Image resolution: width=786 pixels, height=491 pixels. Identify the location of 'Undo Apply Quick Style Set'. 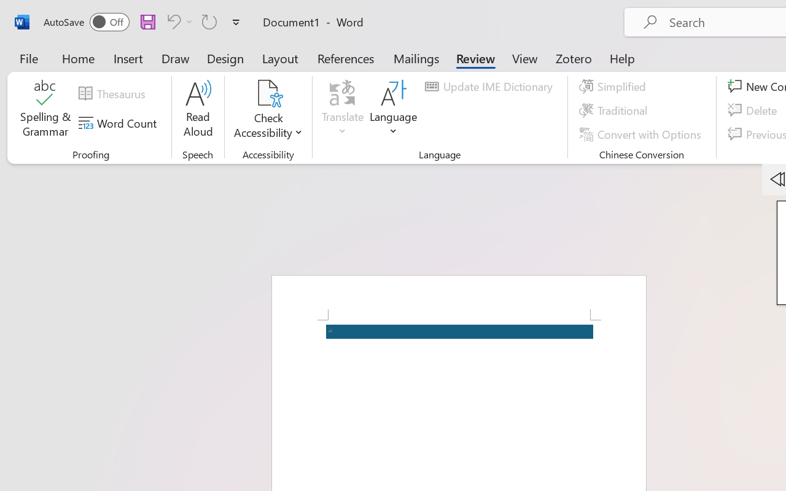
(177, 21).